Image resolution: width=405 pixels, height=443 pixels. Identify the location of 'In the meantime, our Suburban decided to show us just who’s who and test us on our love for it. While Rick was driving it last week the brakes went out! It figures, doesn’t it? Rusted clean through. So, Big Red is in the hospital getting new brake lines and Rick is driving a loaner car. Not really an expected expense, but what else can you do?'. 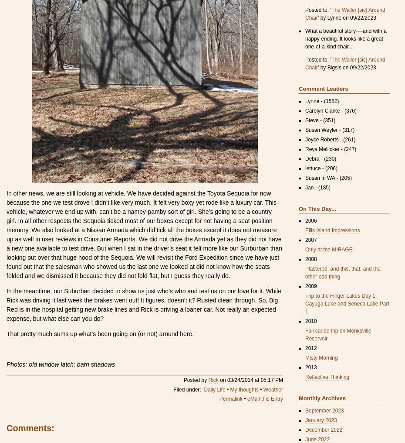
(143, 304).